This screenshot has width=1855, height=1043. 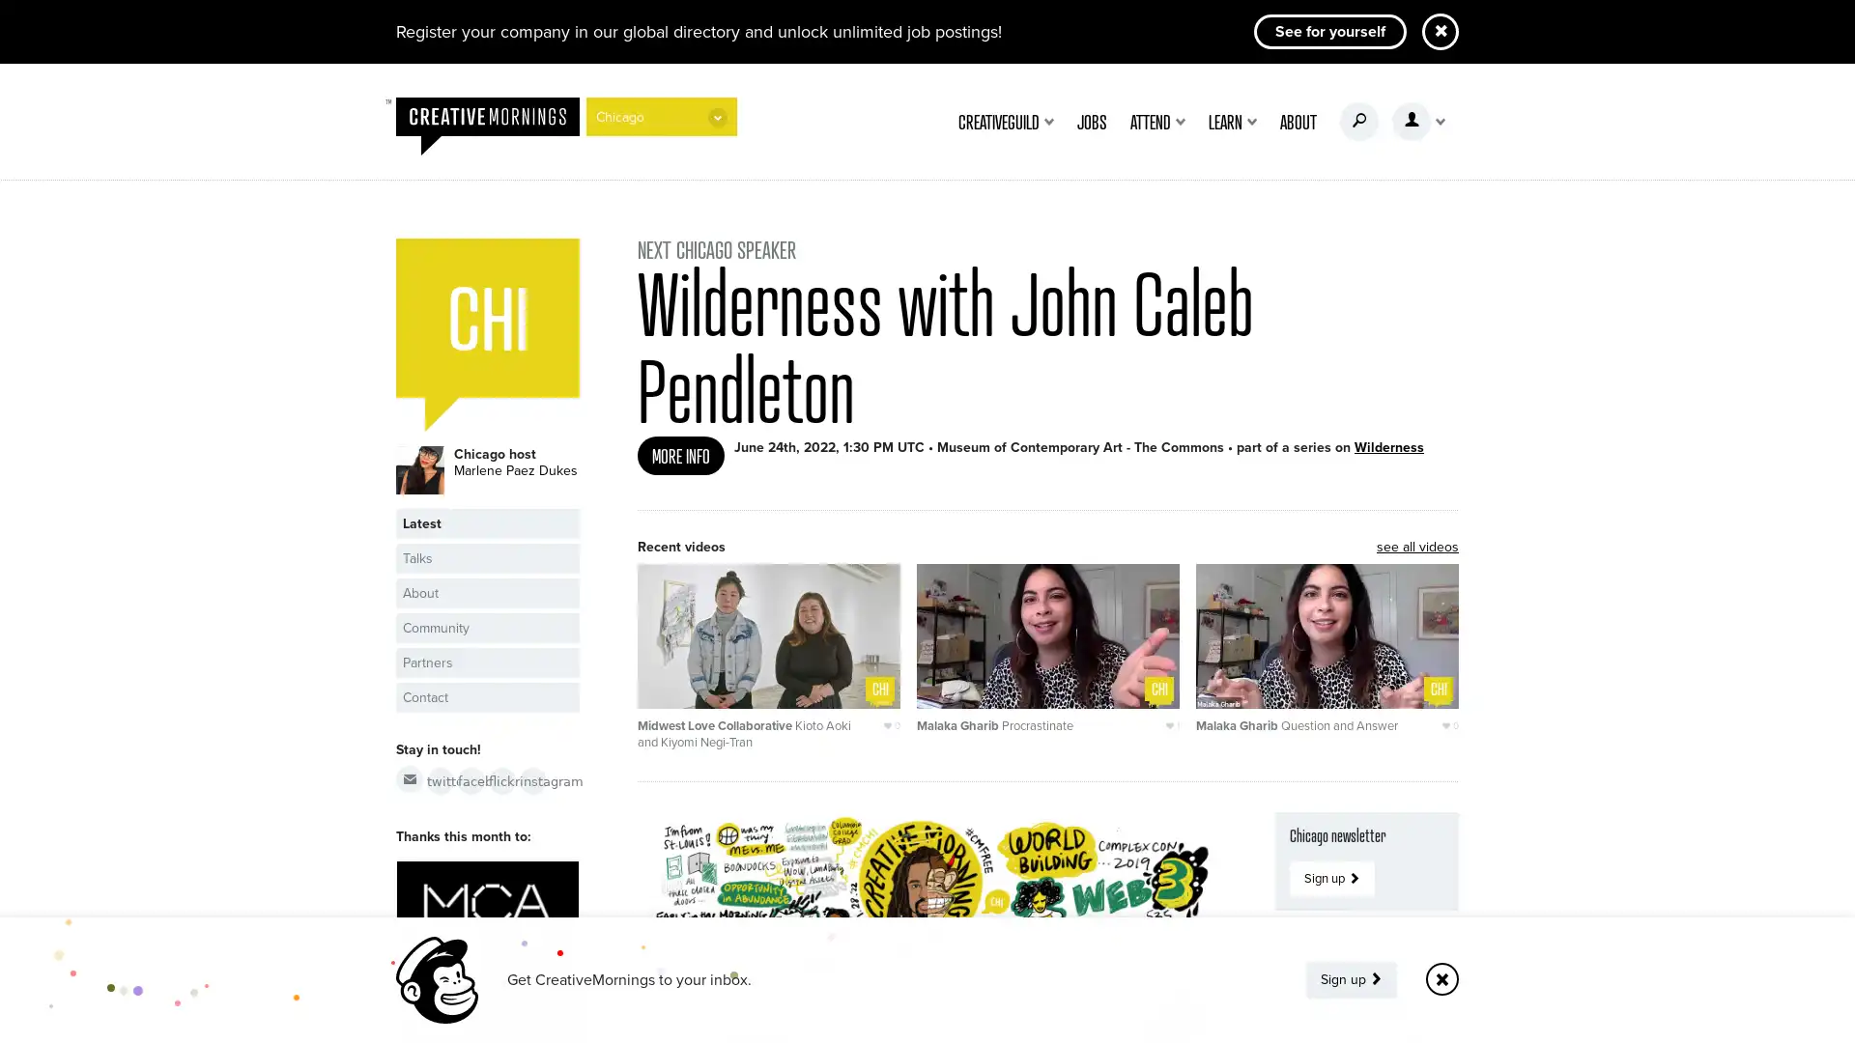 What do you see at coordinates (1441, 979) in the screenshot?
I see `close` at bounding box center [1441, 979].